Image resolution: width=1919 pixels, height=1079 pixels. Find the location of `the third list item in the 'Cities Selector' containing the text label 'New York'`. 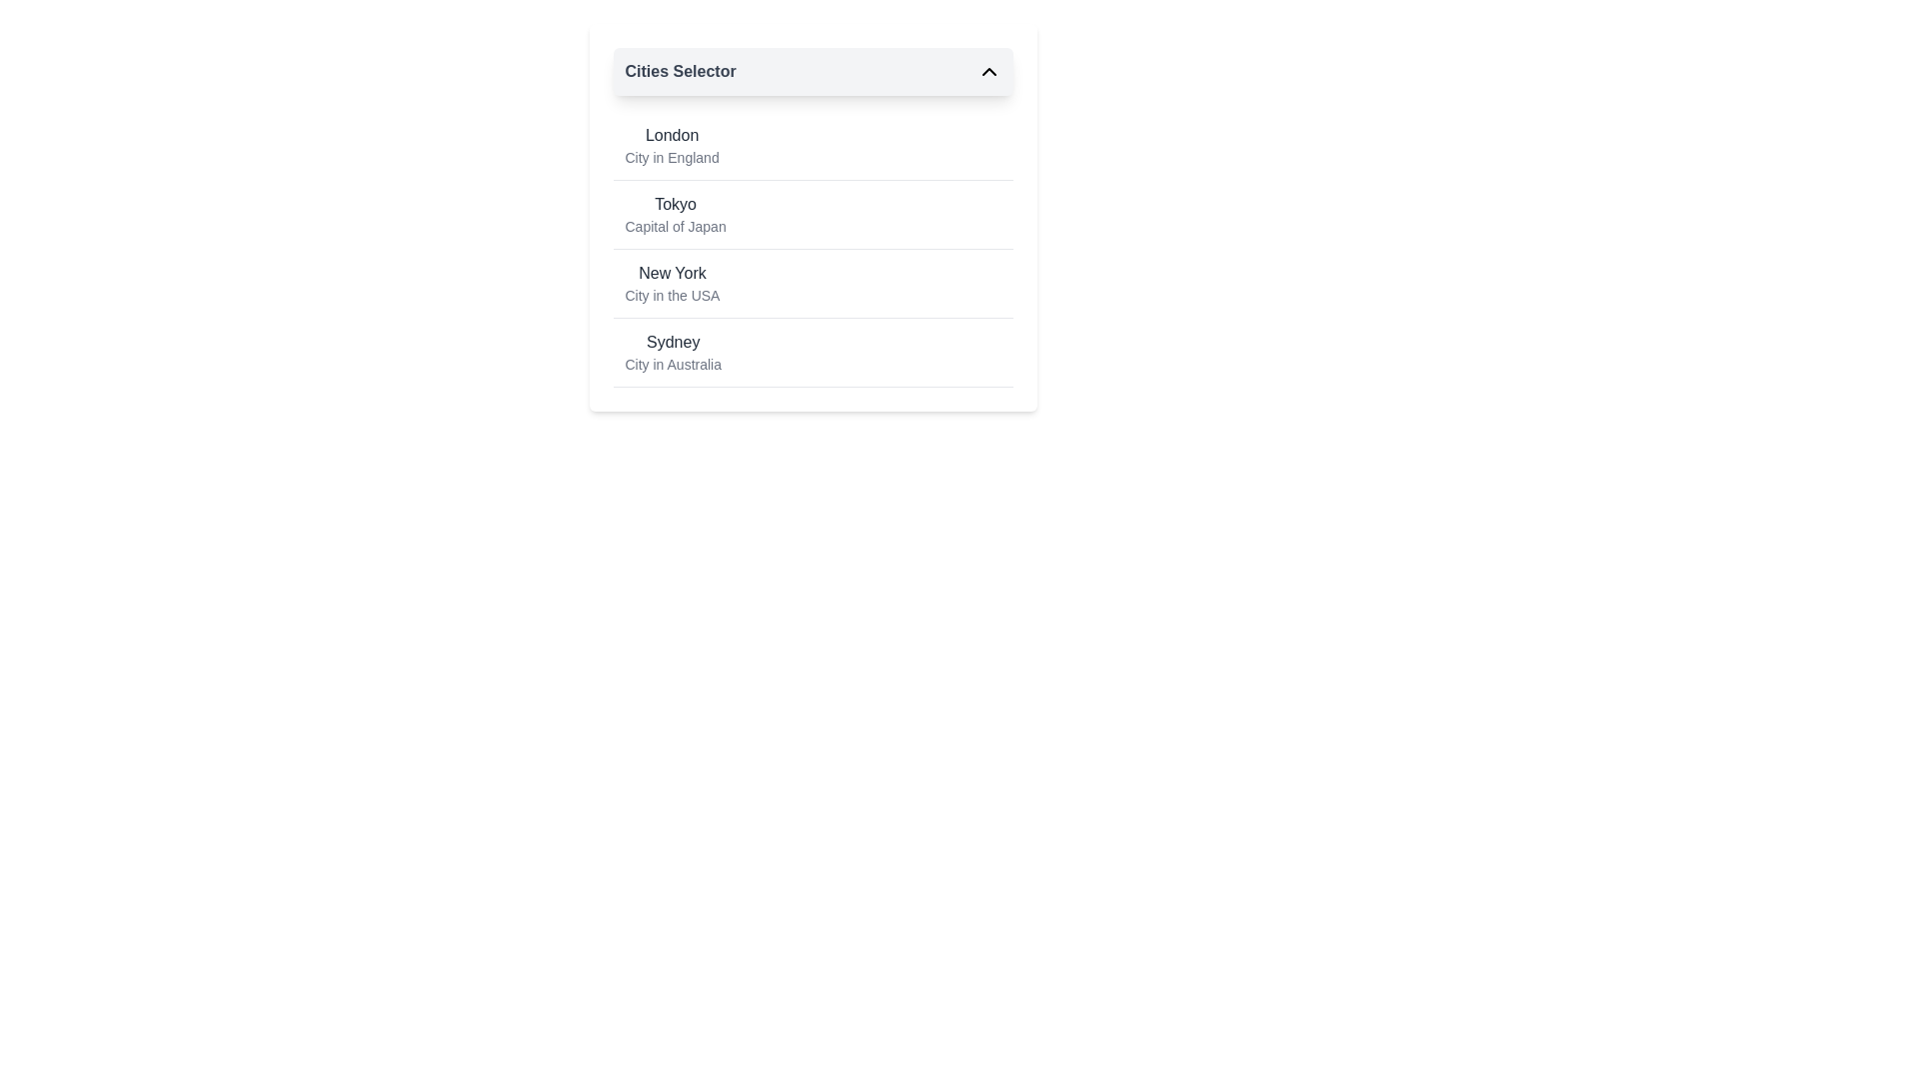

the third list item in the 'Cities Selector' containing the text label 'New York' is located at coordinates (672, 284).